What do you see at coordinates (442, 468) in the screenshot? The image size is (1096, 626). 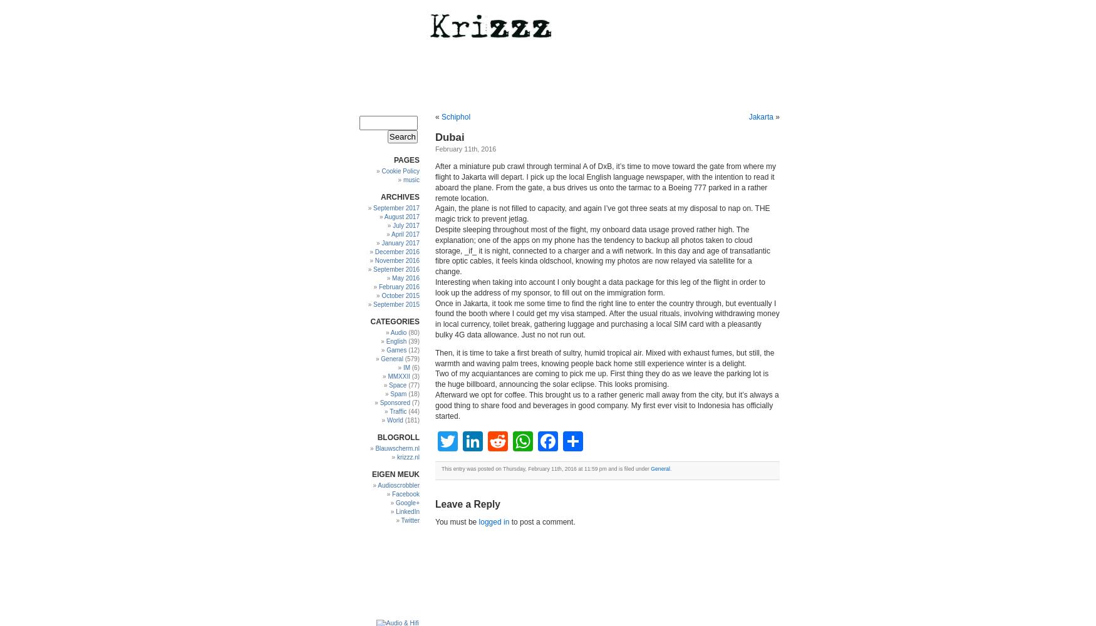 I see `'This entry was posted
						 
						on Thursday, February 11th, 2016 at 11:59 pm						and is filed under'` at bounding box center [442, 468].